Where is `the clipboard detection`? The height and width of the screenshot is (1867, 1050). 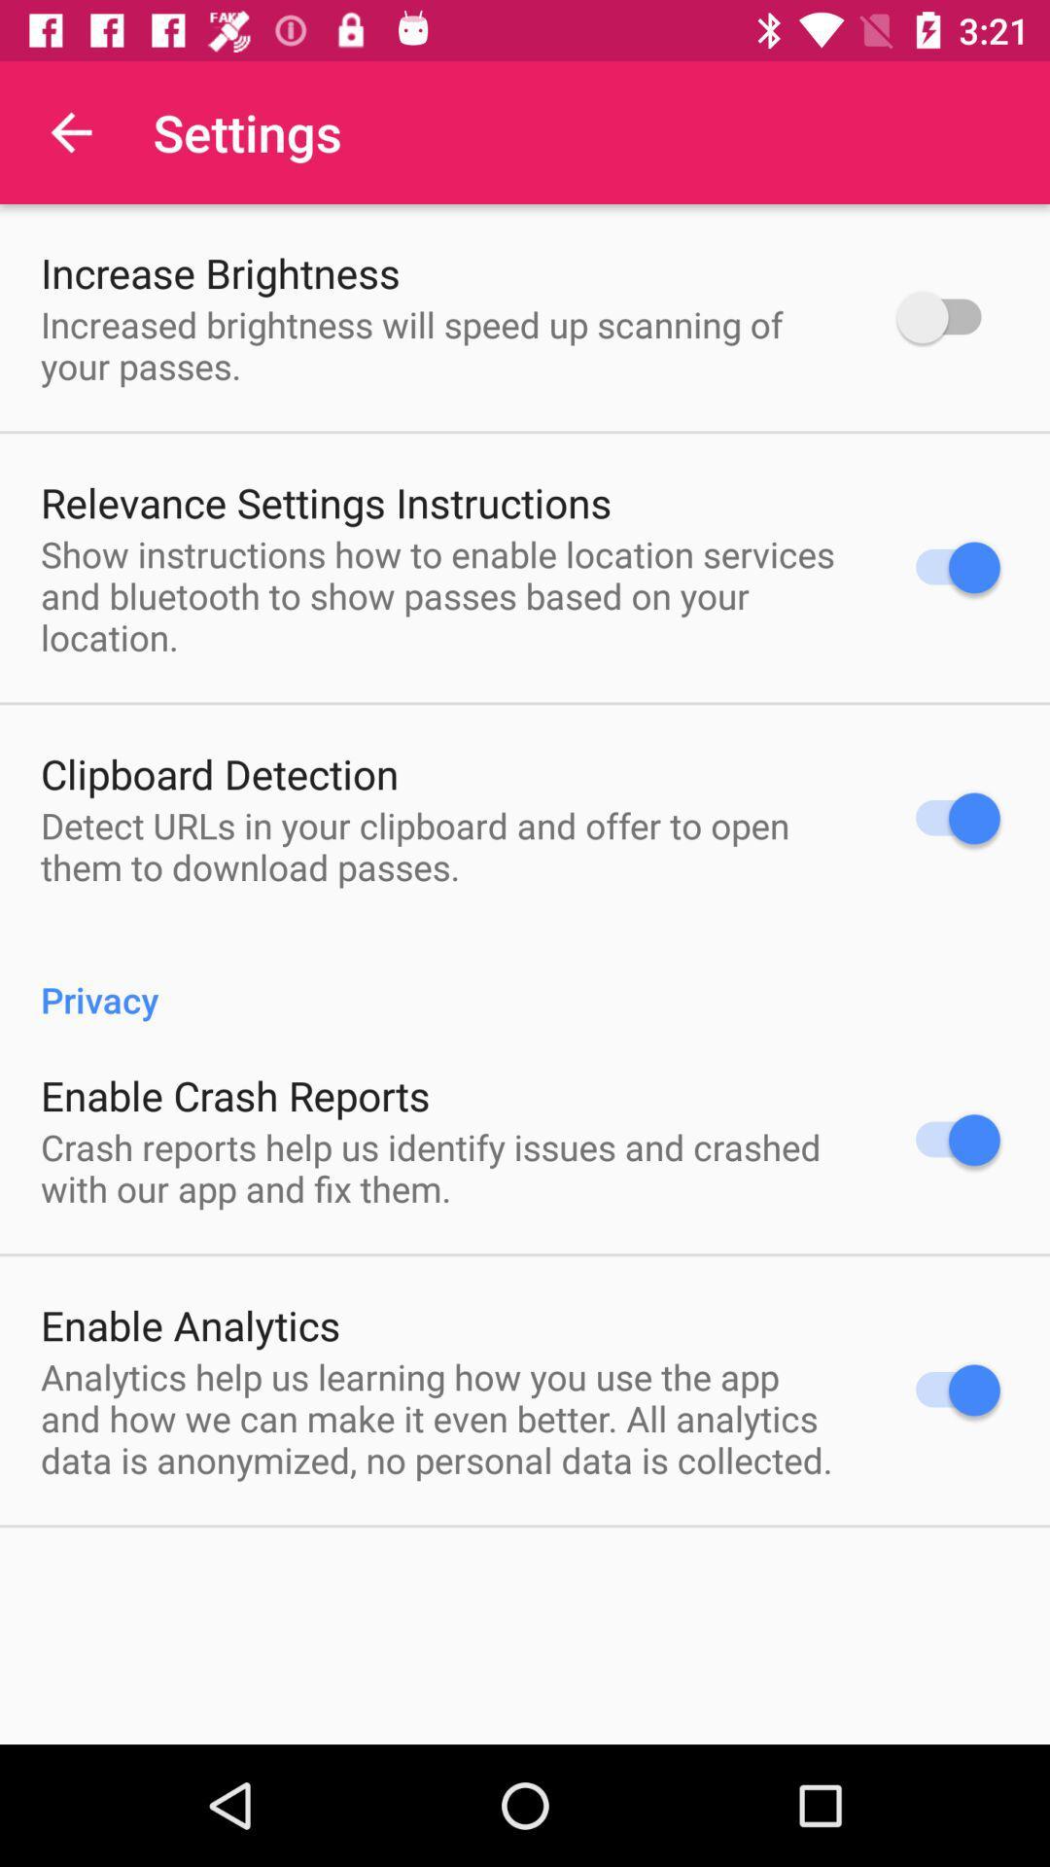 the clipboard detection is located at coordinates (219, 772).